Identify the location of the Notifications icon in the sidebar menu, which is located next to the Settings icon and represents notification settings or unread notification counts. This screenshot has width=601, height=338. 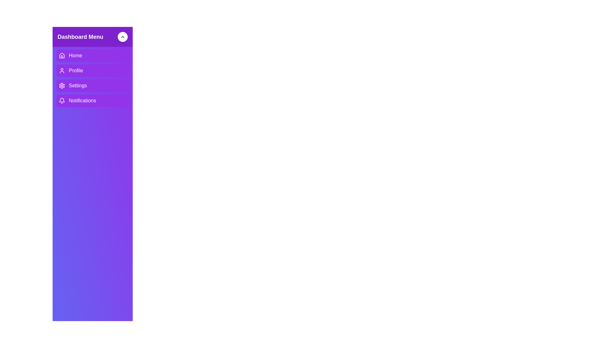
(62, 100).